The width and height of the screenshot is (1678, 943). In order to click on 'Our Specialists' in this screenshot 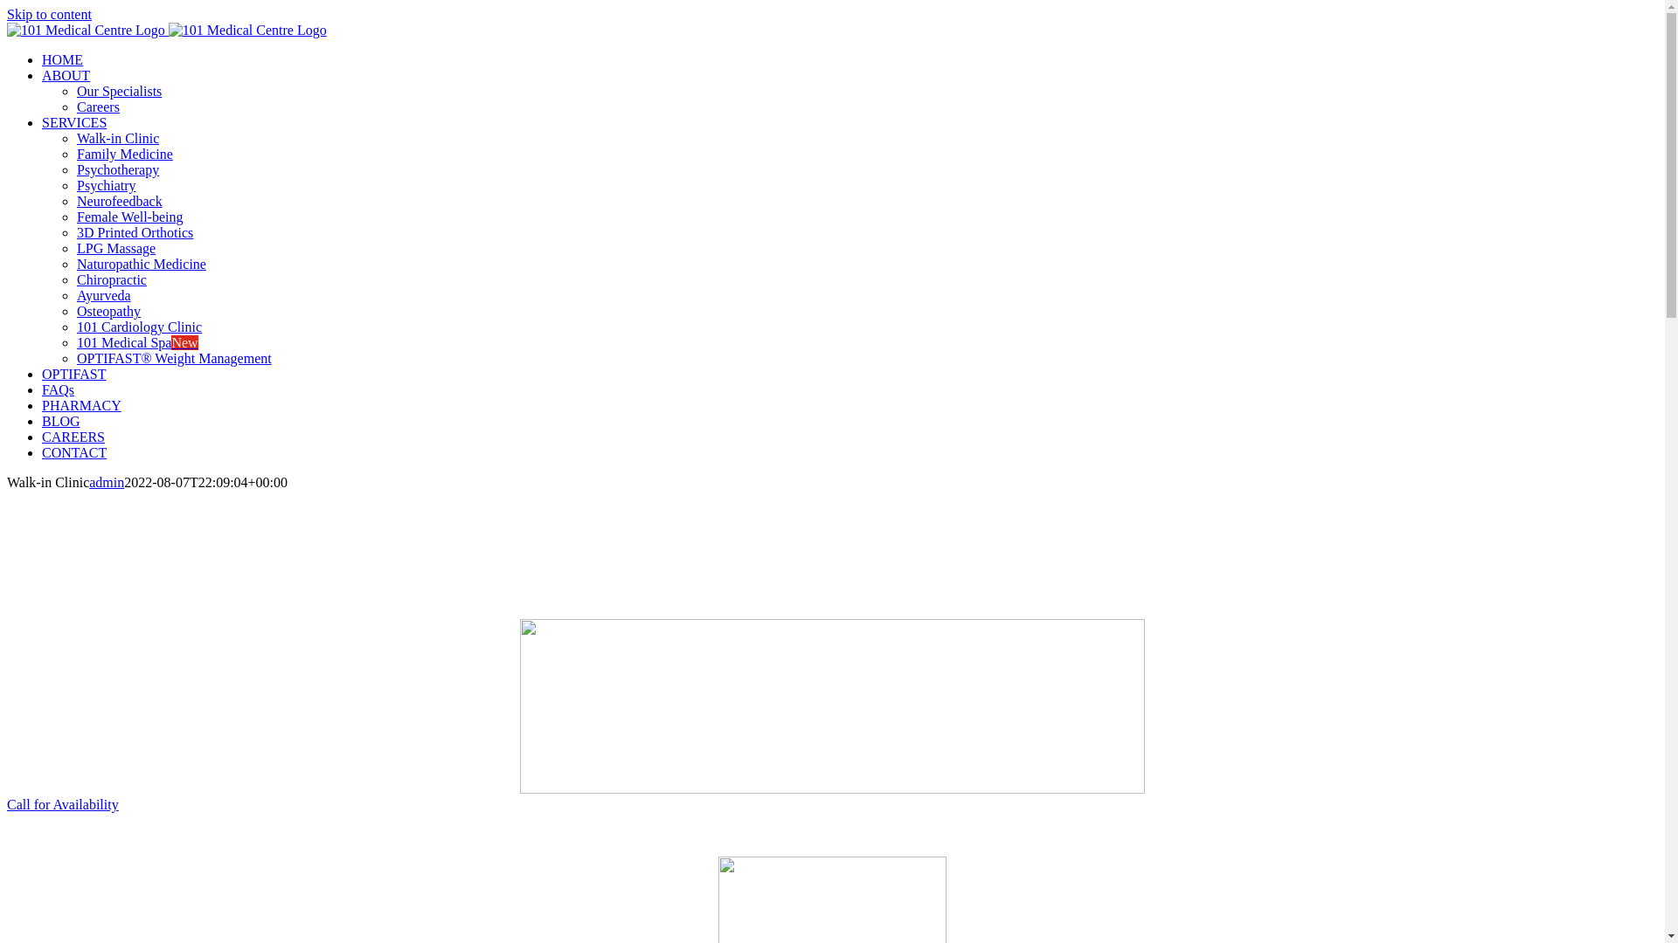, I will do `click(118, 91)`.